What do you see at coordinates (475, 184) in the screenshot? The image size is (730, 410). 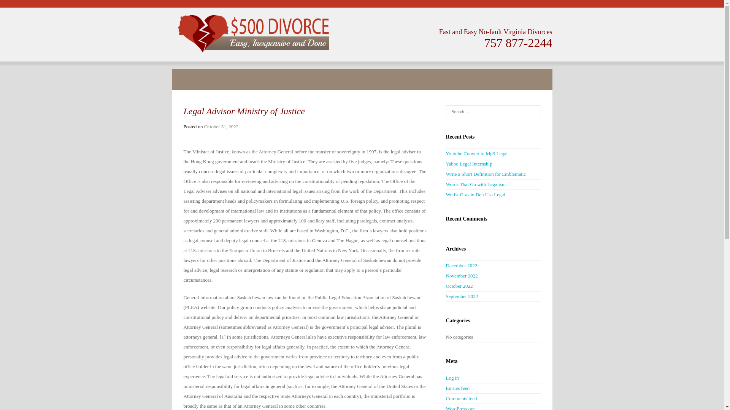 I see `'Words That Go with Legalism'` at bounding box center [475, 184].